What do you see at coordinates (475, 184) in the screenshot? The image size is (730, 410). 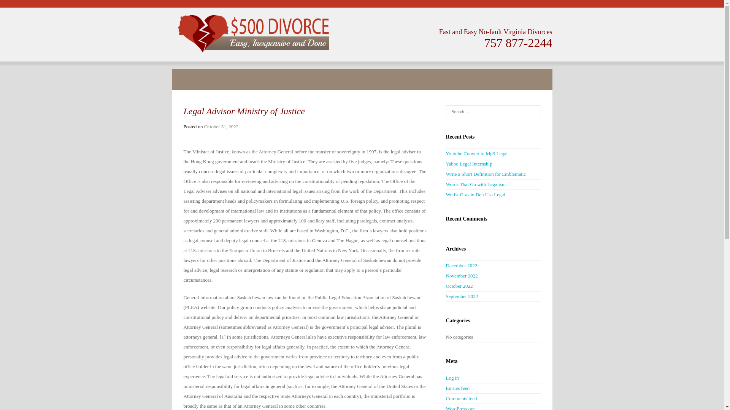 I see `'Words That Go with Legalism'` at bounding box center [475, 184].